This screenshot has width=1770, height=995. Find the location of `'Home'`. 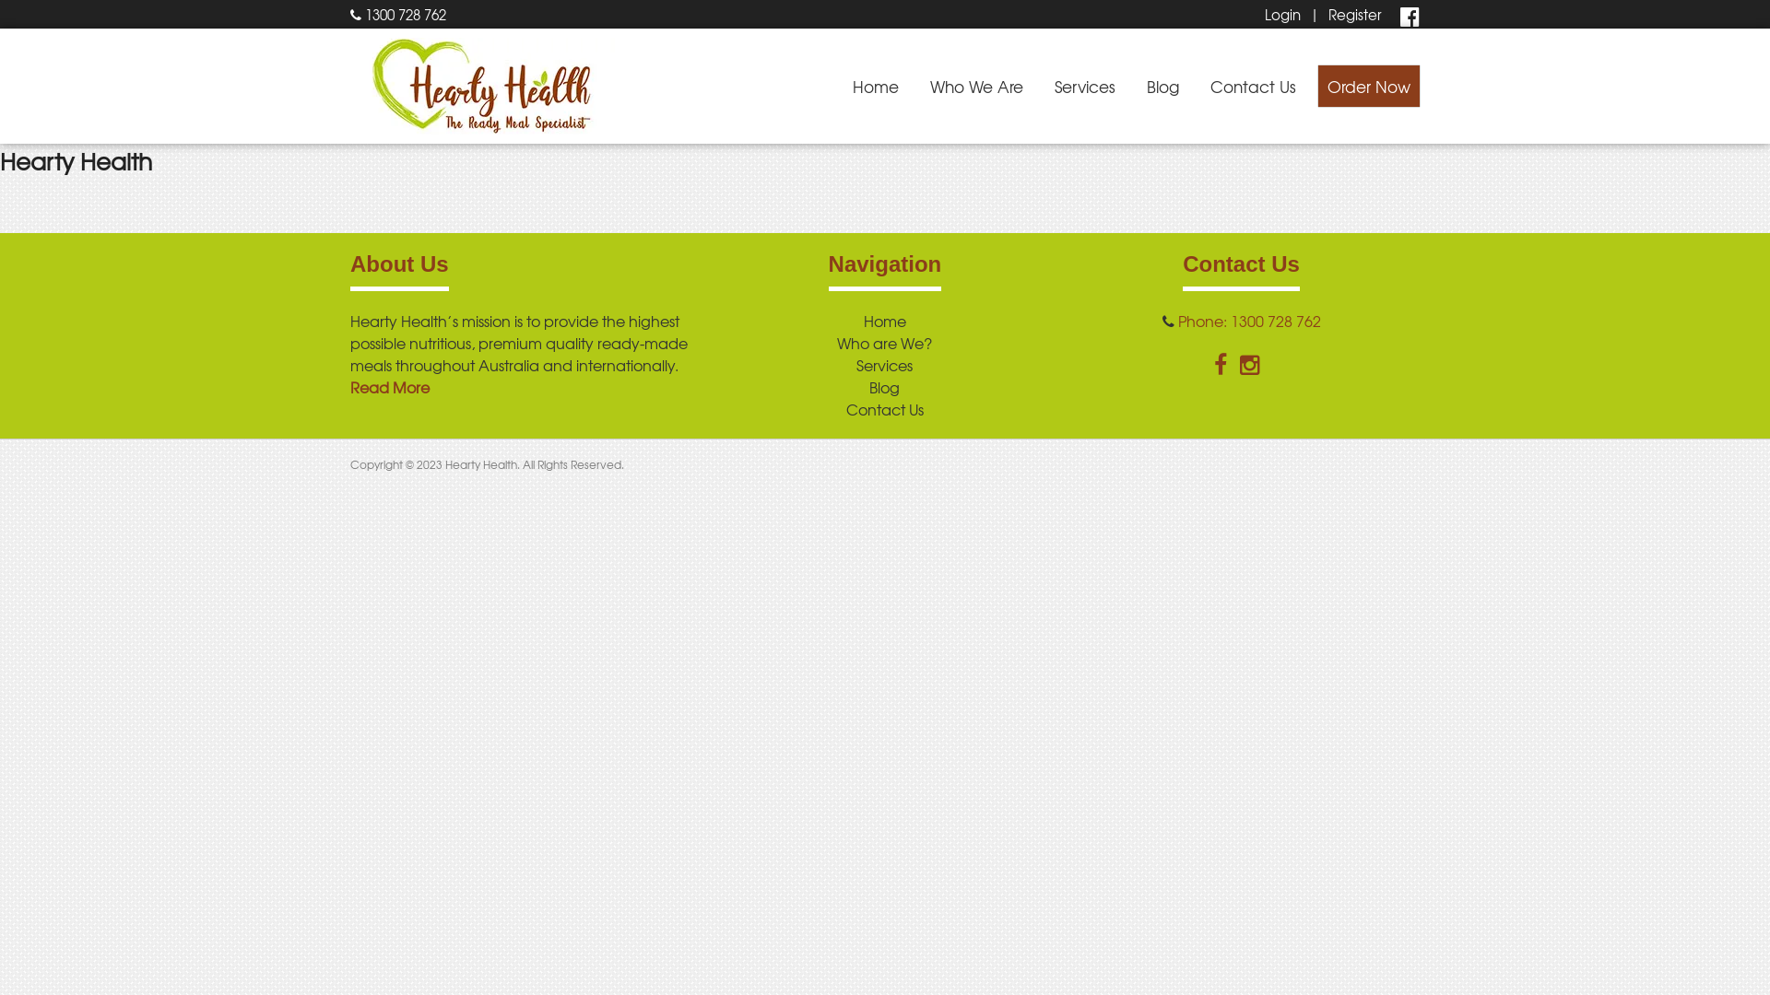

'Home' is located at coordinates (875, 86).